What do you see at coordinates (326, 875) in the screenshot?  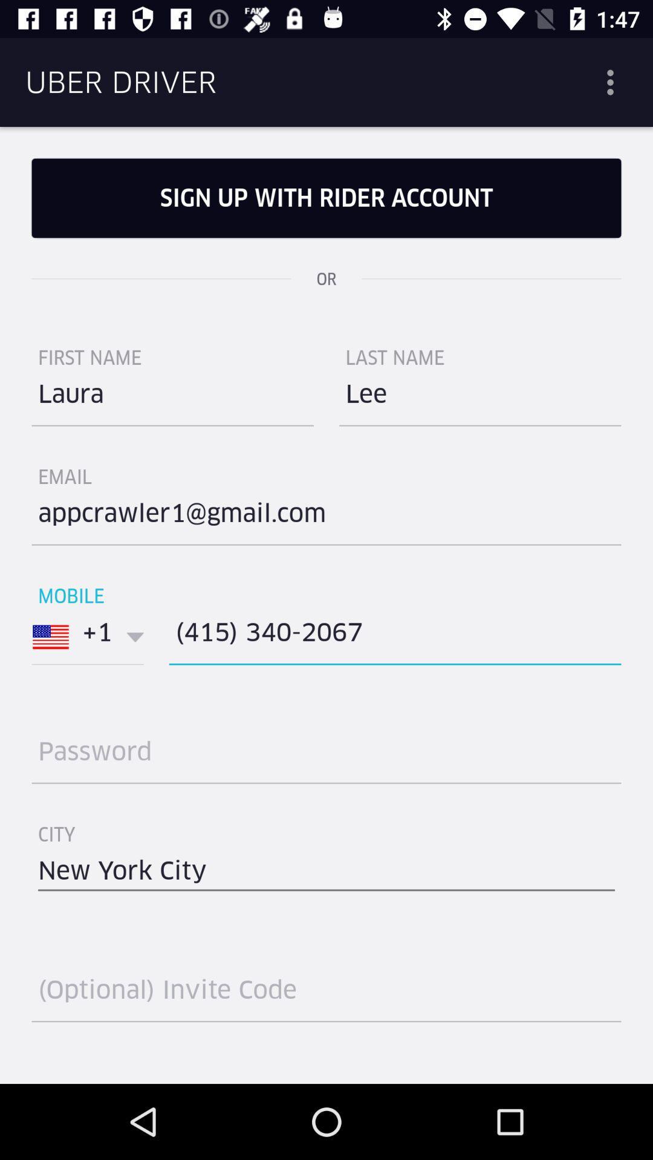 I see `the item below the city icon` at bounding box center [326, 875].